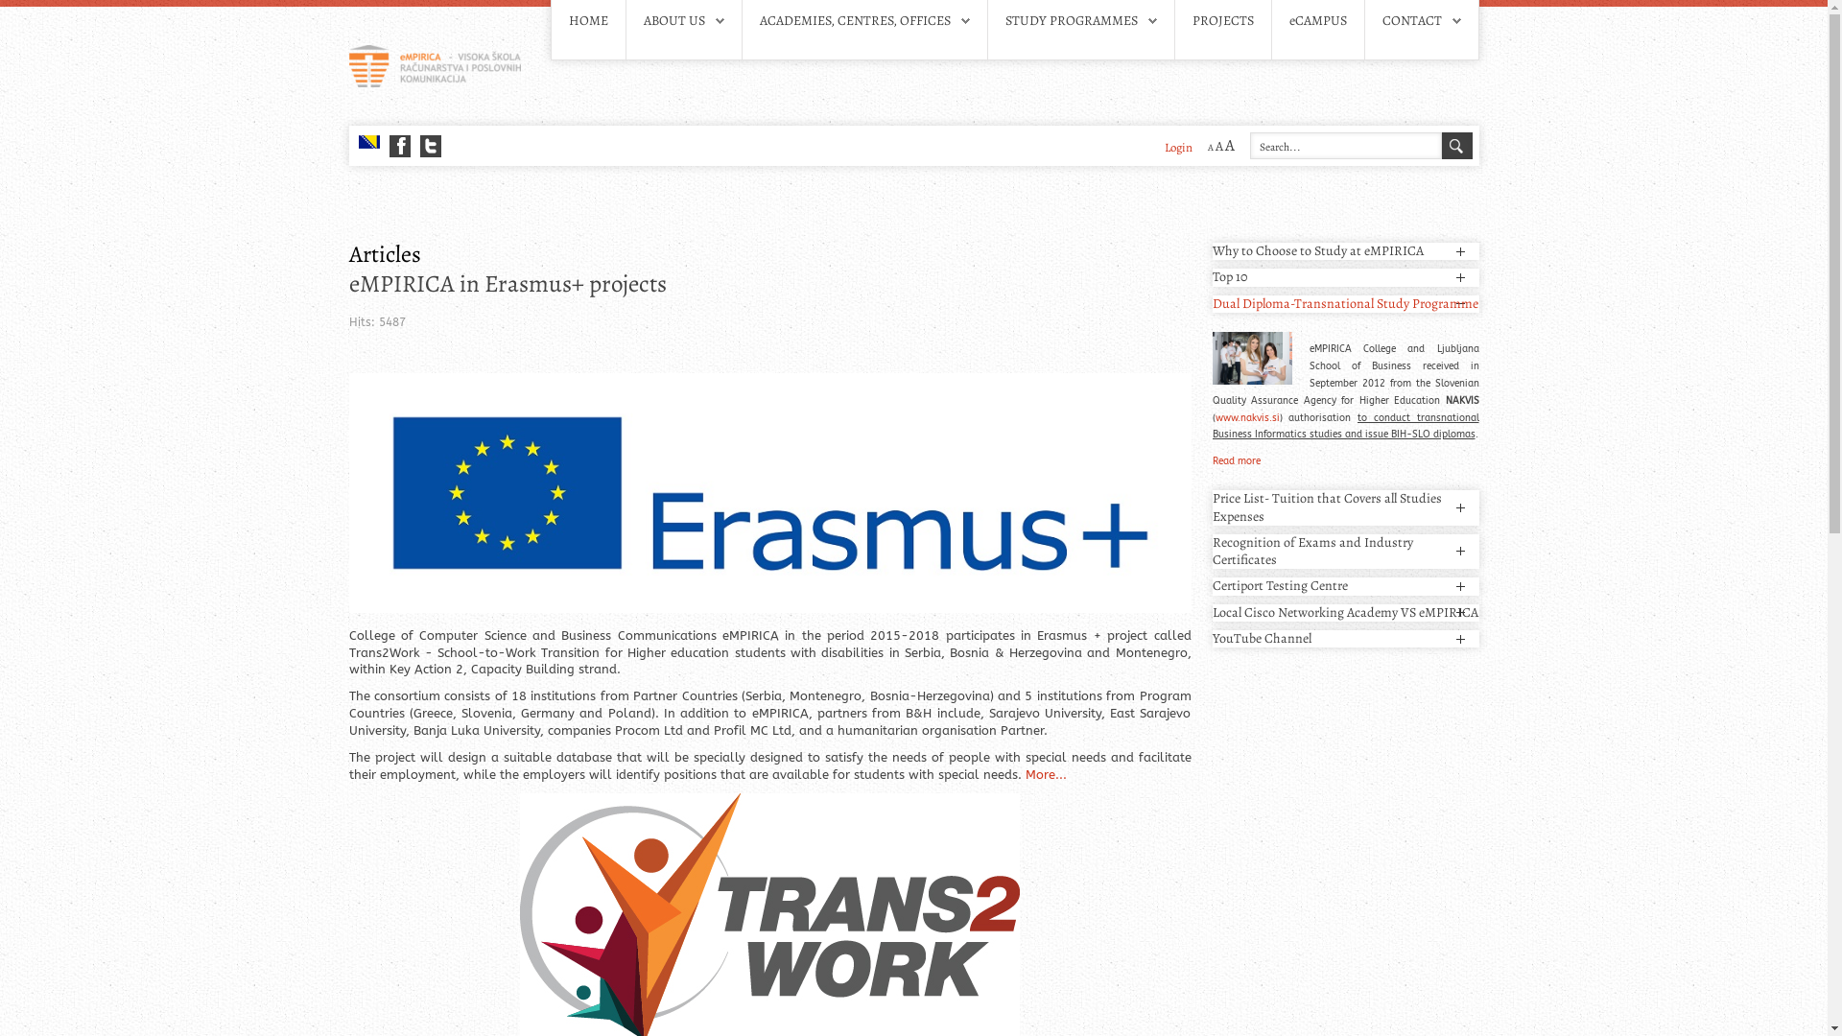  I want to click on 'More...', so click(1044, 773).